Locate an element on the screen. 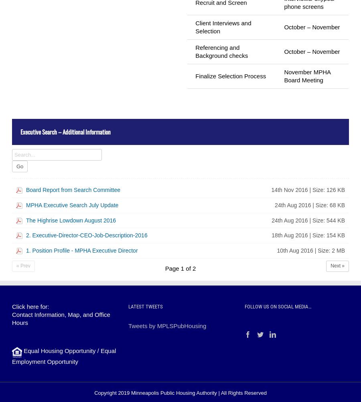 The image size is (361, 402). 'Tweets by MPLSPubHousing' is located at coordinates (127, 325).